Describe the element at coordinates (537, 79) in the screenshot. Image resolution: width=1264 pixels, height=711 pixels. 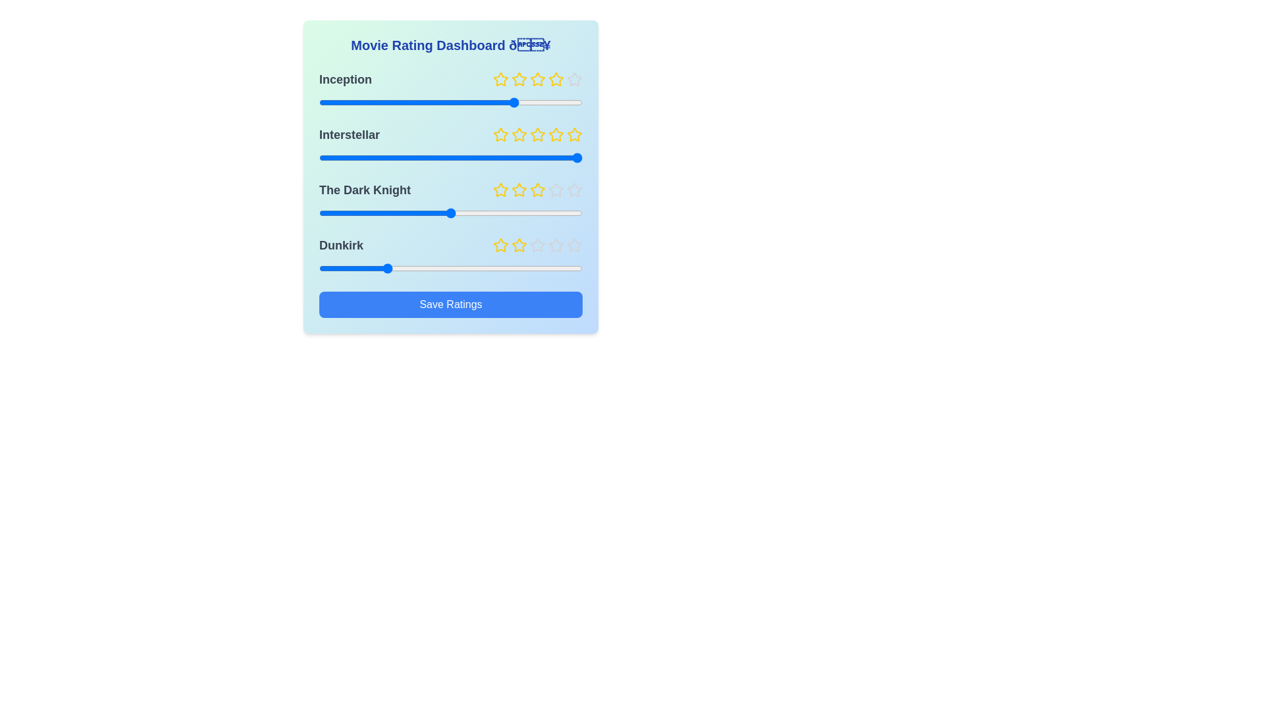
I see `the rating for a movie to 3 stars by clicking on the corresponding star` at that location.